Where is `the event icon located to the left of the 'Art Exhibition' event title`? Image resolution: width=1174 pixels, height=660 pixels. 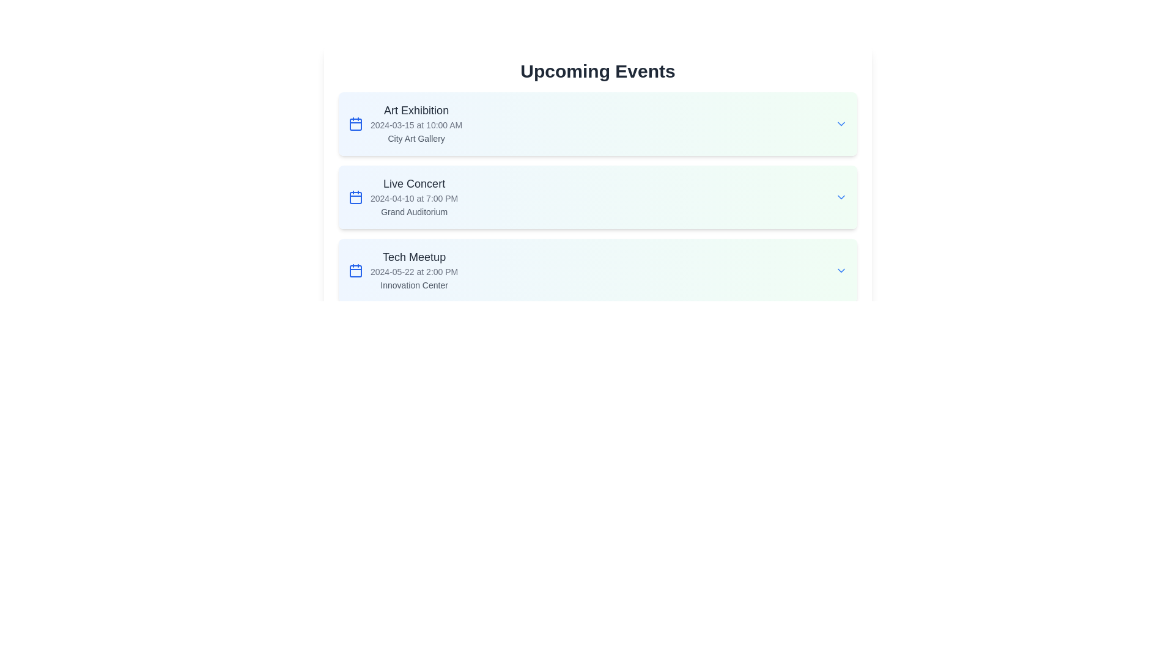
the event icon located to the left of the 'Art Exhibition' event title is located at coordinates (355, 124).